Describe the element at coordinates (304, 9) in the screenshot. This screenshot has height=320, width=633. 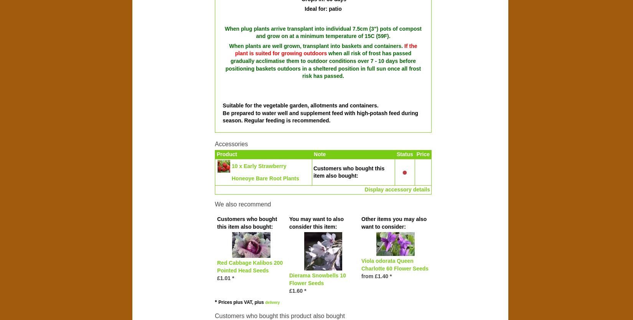
I see `'Ideal for: patio'` at that location.